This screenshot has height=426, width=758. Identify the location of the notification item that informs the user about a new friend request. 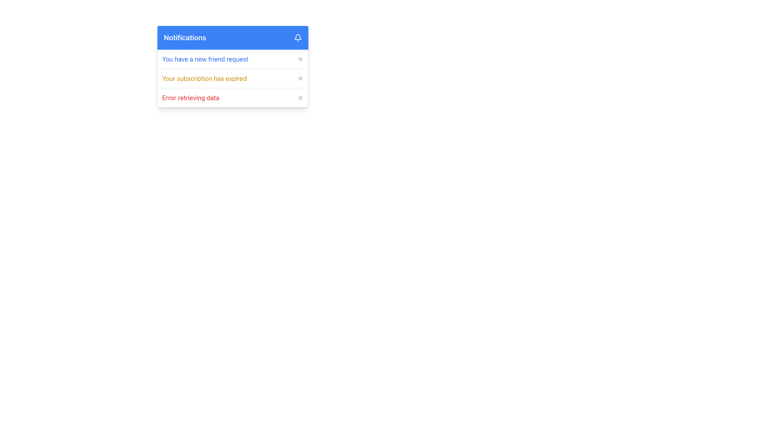
(233, 59).